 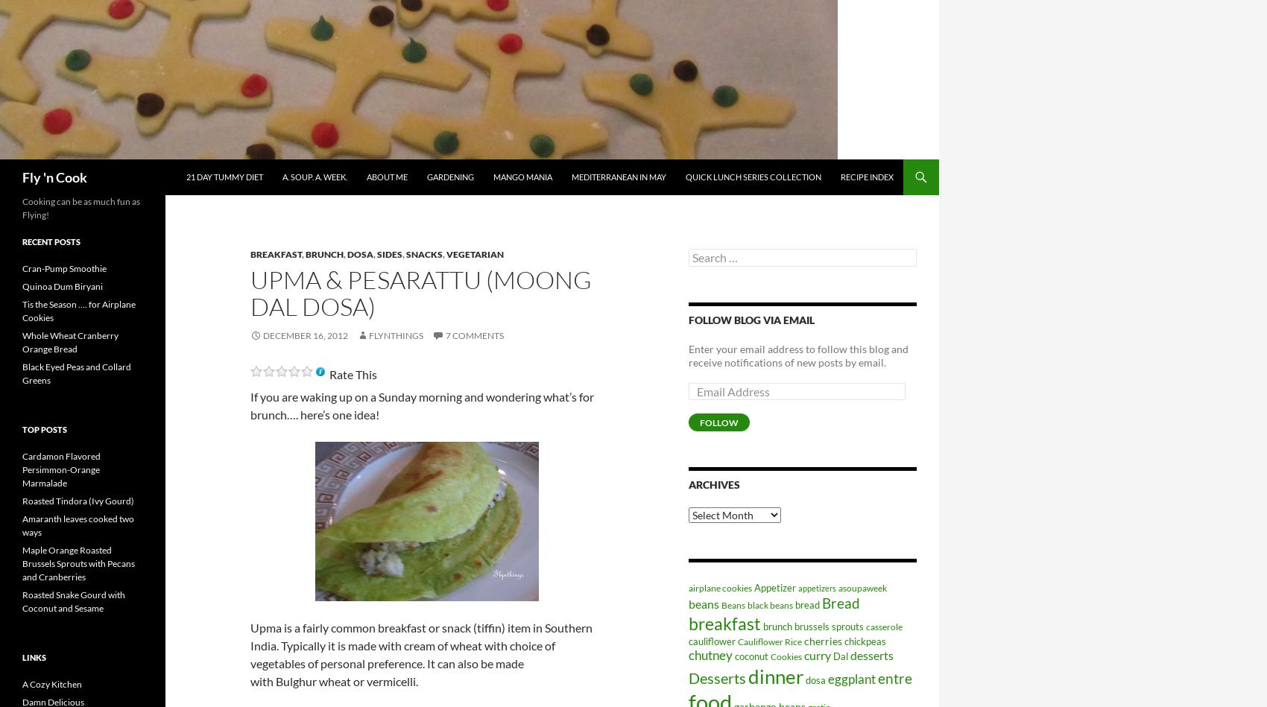 I want to click on 'casserole', so click(x=883, y=625).